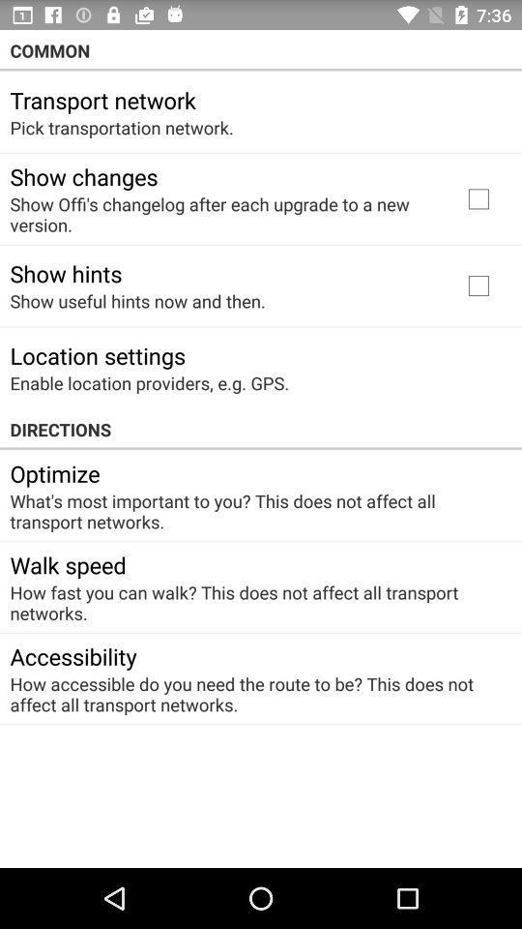 The width and height of the screenshot is (522, 929). What do you see at coordinates (222, 214) in the screenshot?
I see `item below the show changes icon` at bounding box center [222, 214].